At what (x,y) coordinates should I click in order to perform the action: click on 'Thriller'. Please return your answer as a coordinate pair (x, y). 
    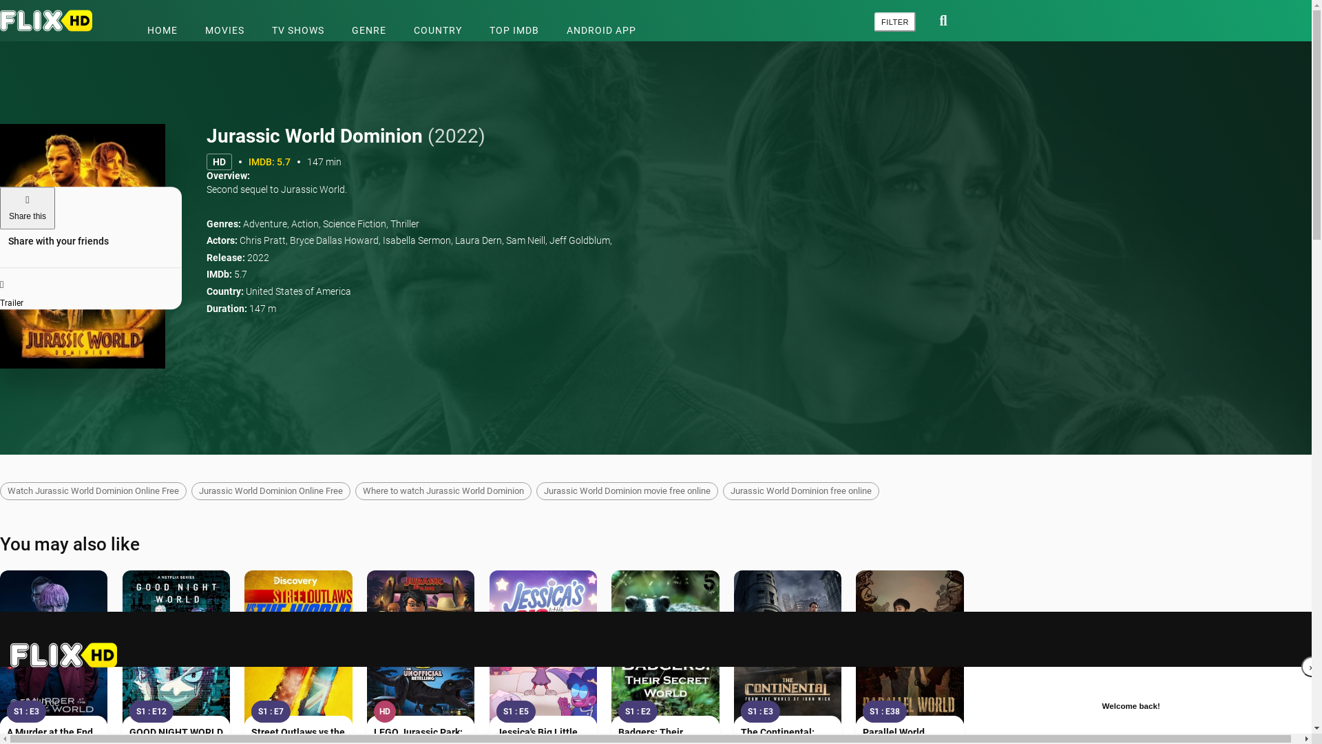
    Looking at the image, I should click on (404, 223).